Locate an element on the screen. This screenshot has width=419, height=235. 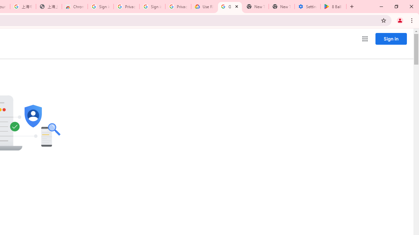
'New Tab' is located at coordinates (282, 7).